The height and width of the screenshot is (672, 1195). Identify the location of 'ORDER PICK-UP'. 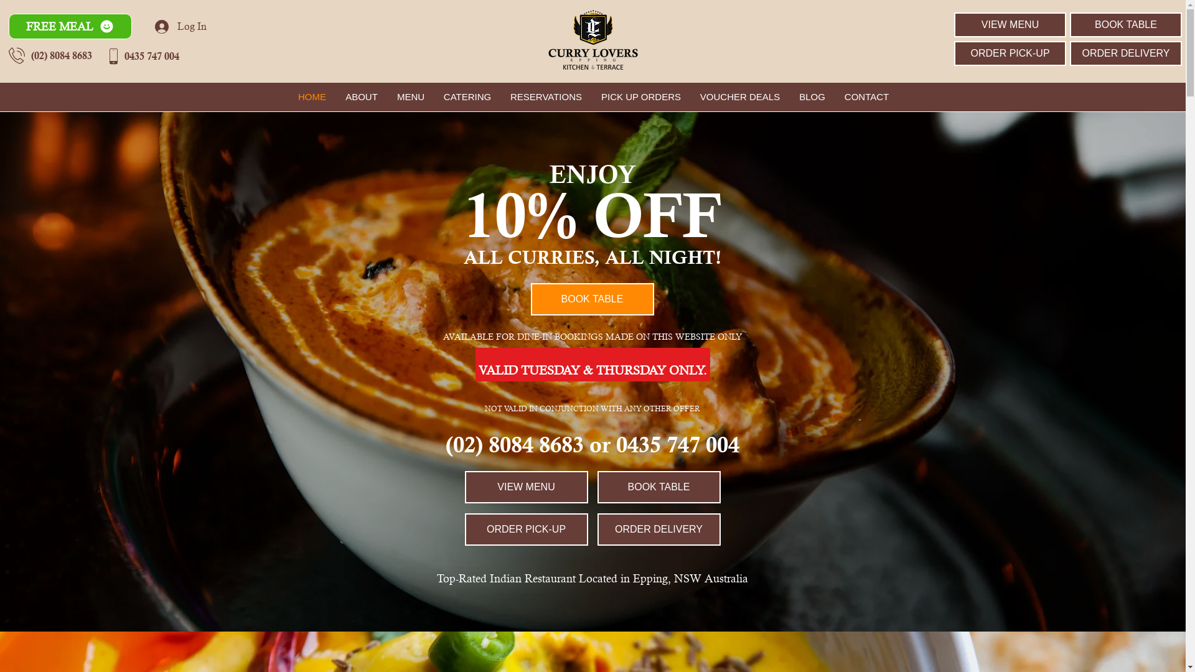
(525, 530).